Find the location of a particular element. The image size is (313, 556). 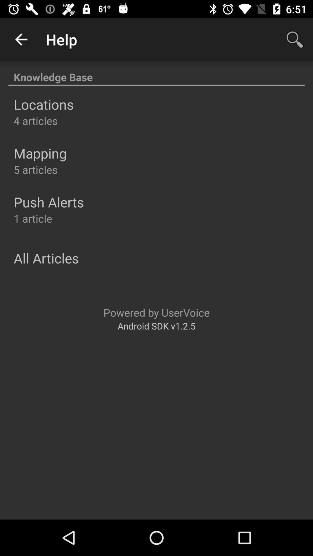

the icon next to the help app is located at coordinates (21, 39).